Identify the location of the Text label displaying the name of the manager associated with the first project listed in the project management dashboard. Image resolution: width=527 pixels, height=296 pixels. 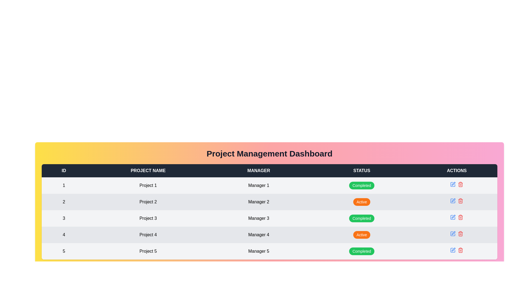
(258, 185).